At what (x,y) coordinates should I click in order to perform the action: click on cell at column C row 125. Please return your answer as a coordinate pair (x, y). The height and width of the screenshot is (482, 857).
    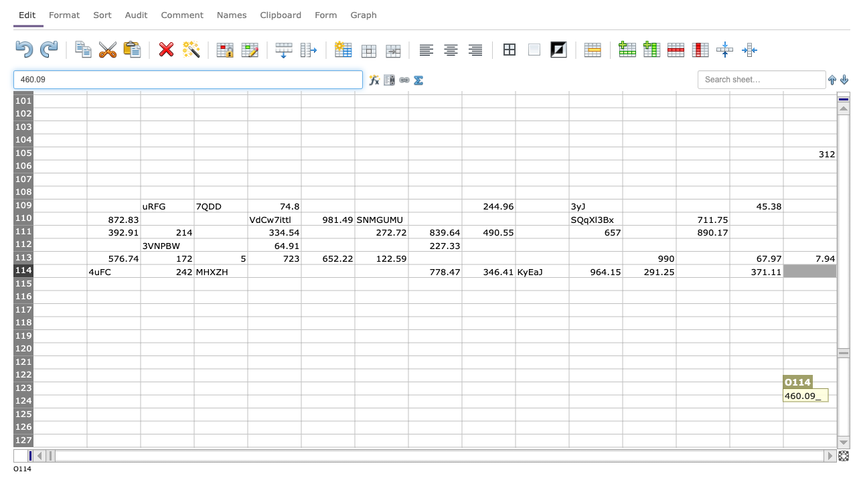
    Looking at the image, I should click on (166, 414).